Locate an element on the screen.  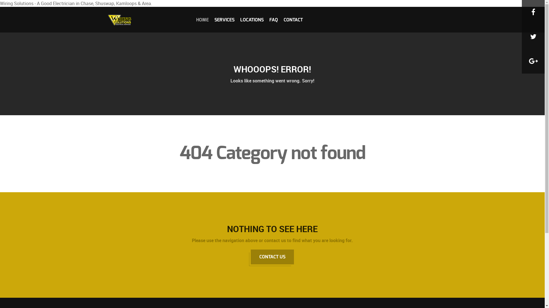
'FAQ' is located at coordinates (273, 19).